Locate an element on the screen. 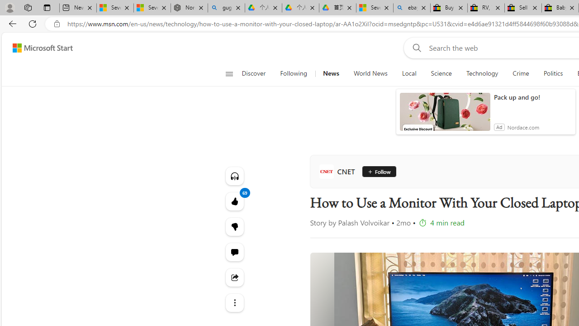 The width and height of the screenshot is (579, 326). 'guge yunpan - Search' is located at coordinates (226, 8).